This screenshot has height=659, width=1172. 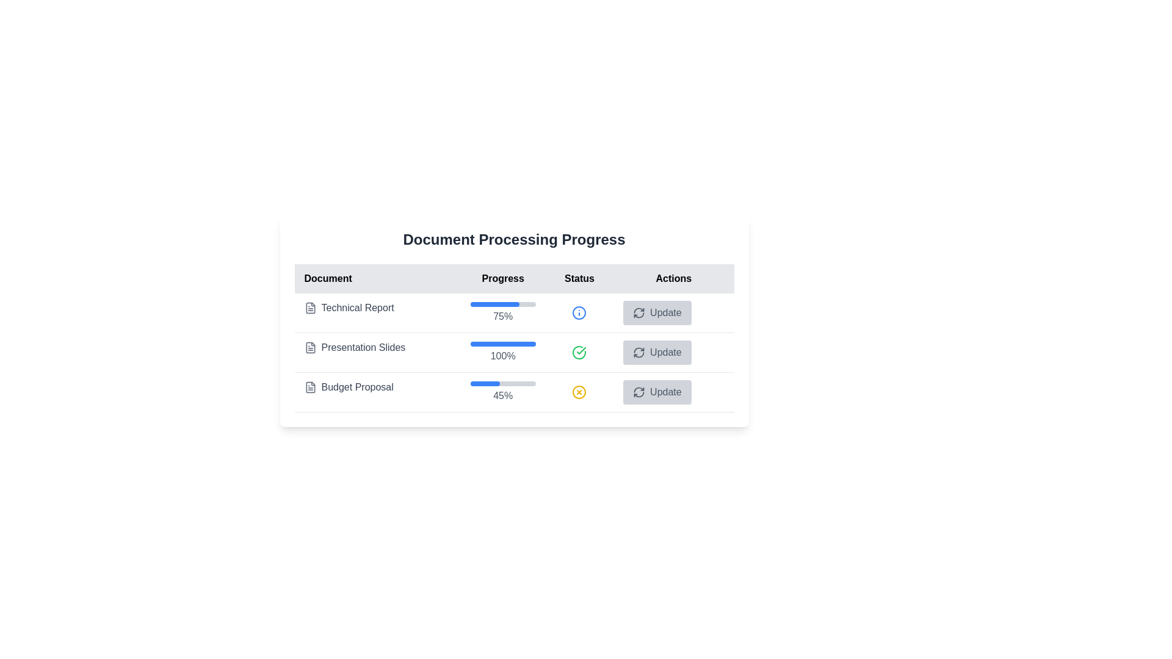 I want to click on the icon representing a document with a folded corner, located in the first column of the first row under the 'Document' header, associated with the 'Technical Report' text, so click(x=310, y=308).